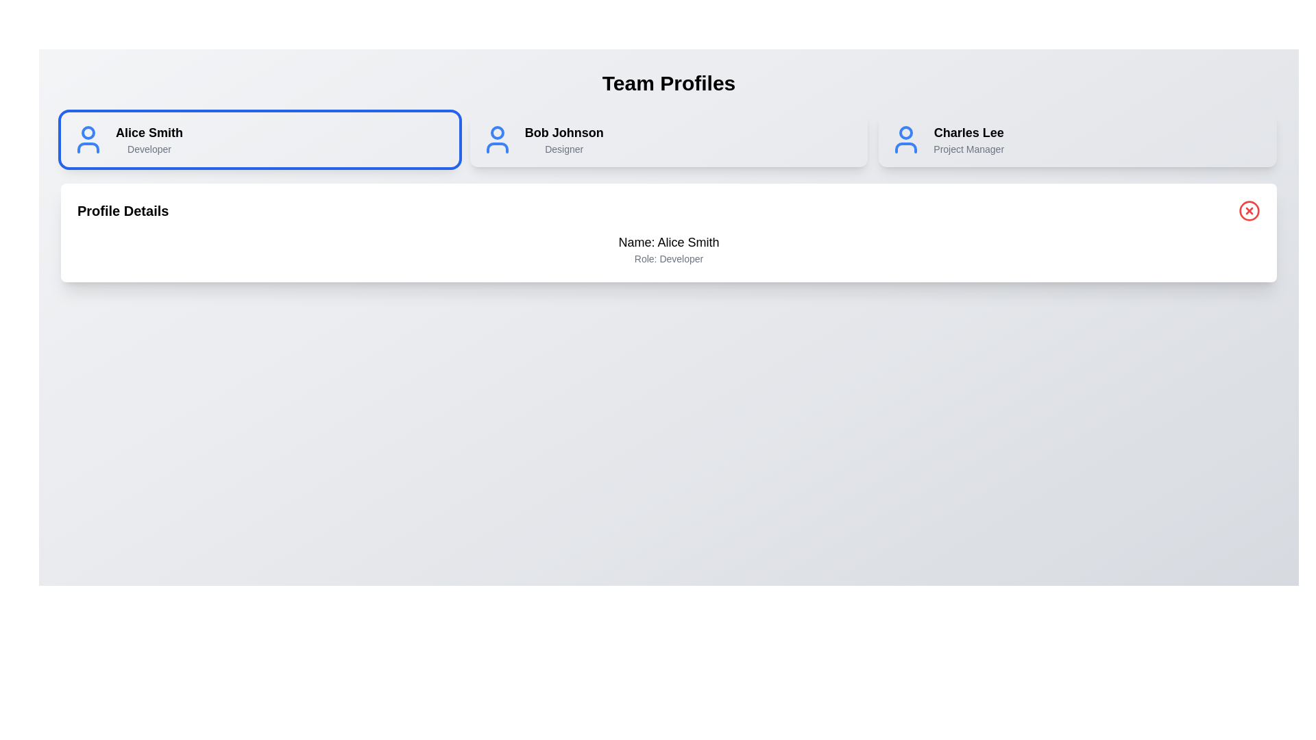 This screenshot has height=740, width=1316. I want to click on the user icon SVG graphical element located in the top-right card, adjacent to the text 'Charles Lee' and vertically centered within the card, so click(906, 140).